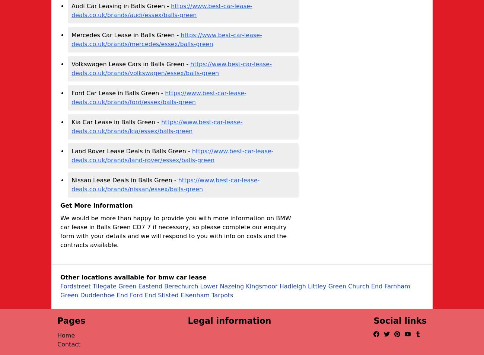 The width and height of the screenshot is (484, 355). What do you see at coordinates (172, 156) in the screenshot?
I see `'https://www.best-car-lease-deals.co.uk/brands/land-rover/essex/balls-green'` at bounding box center [172, 156].